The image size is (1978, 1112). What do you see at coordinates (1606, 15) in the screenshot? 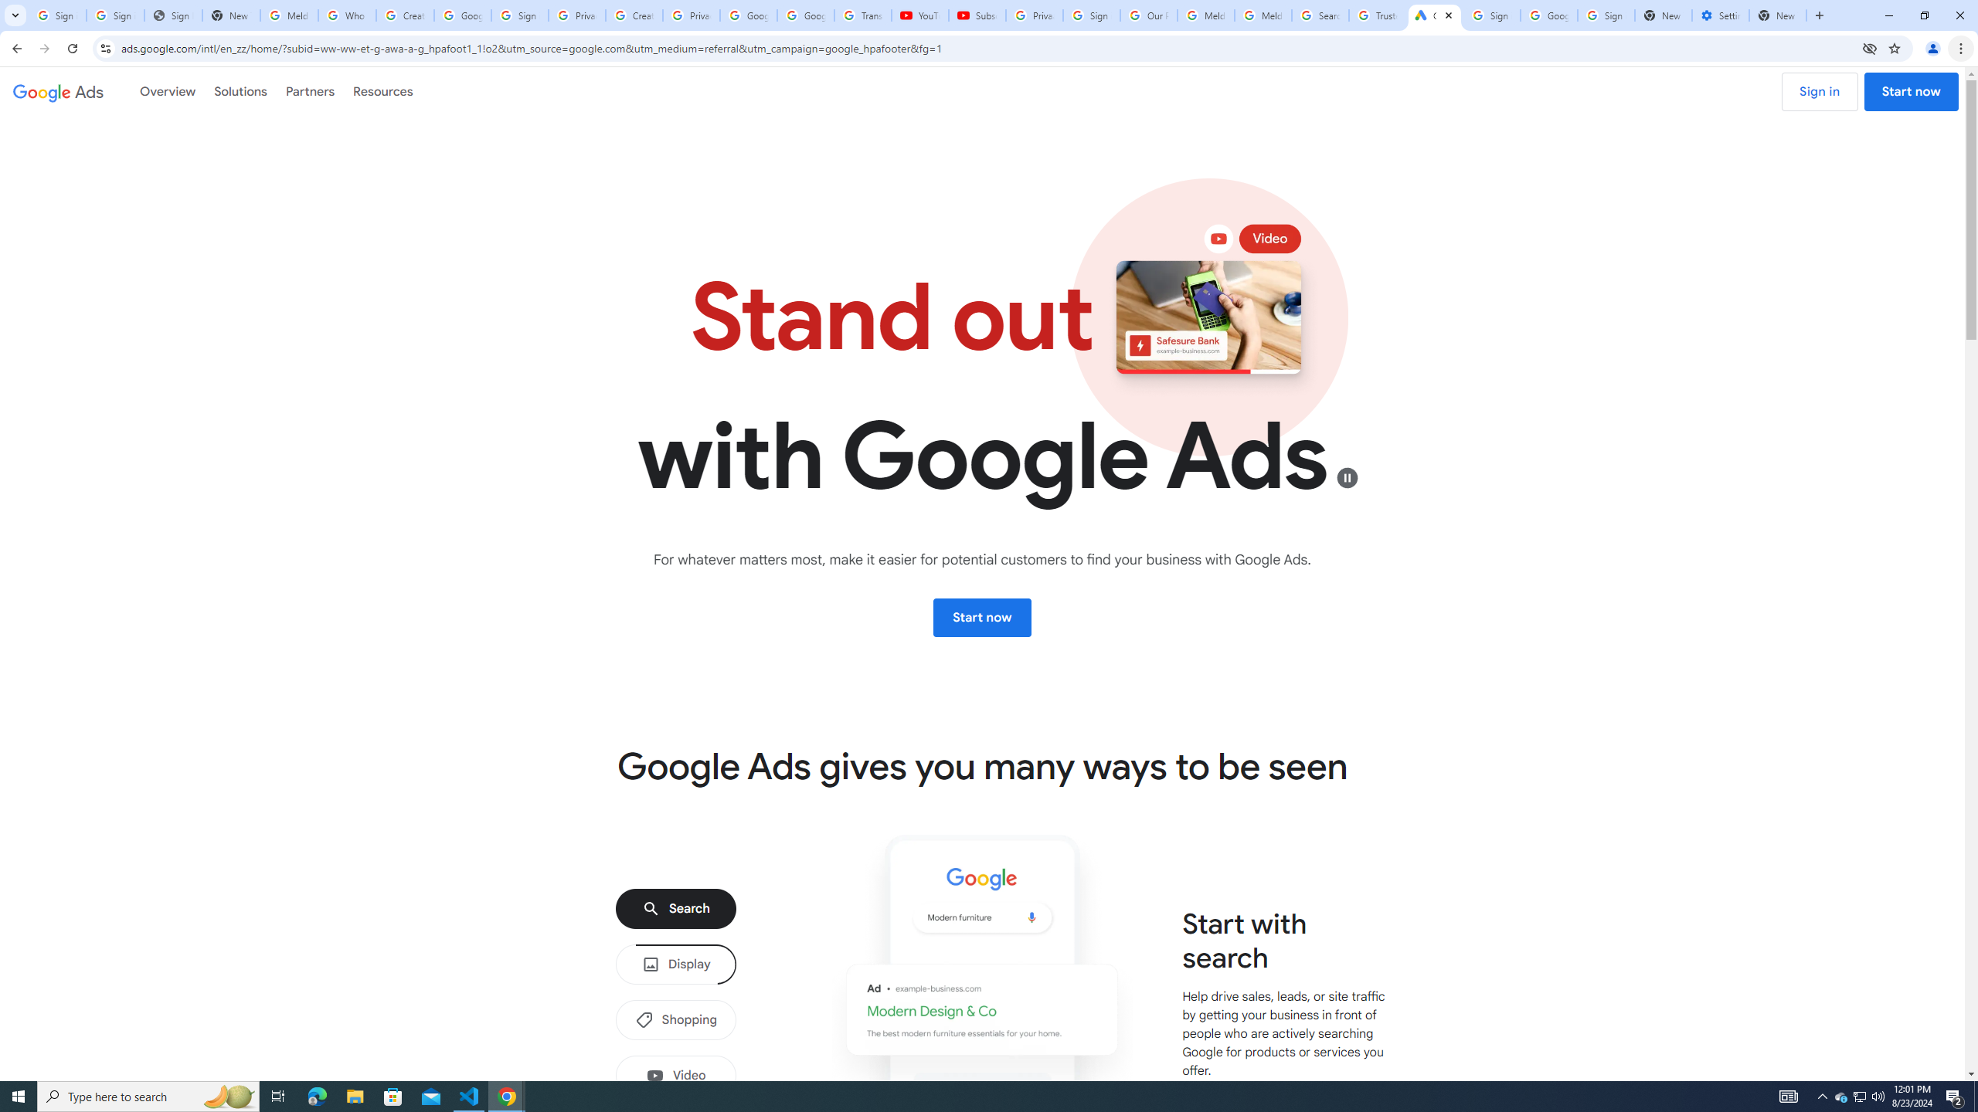
I see `'Sign in - Google Accounts'` at bounding box center [1606, 15].